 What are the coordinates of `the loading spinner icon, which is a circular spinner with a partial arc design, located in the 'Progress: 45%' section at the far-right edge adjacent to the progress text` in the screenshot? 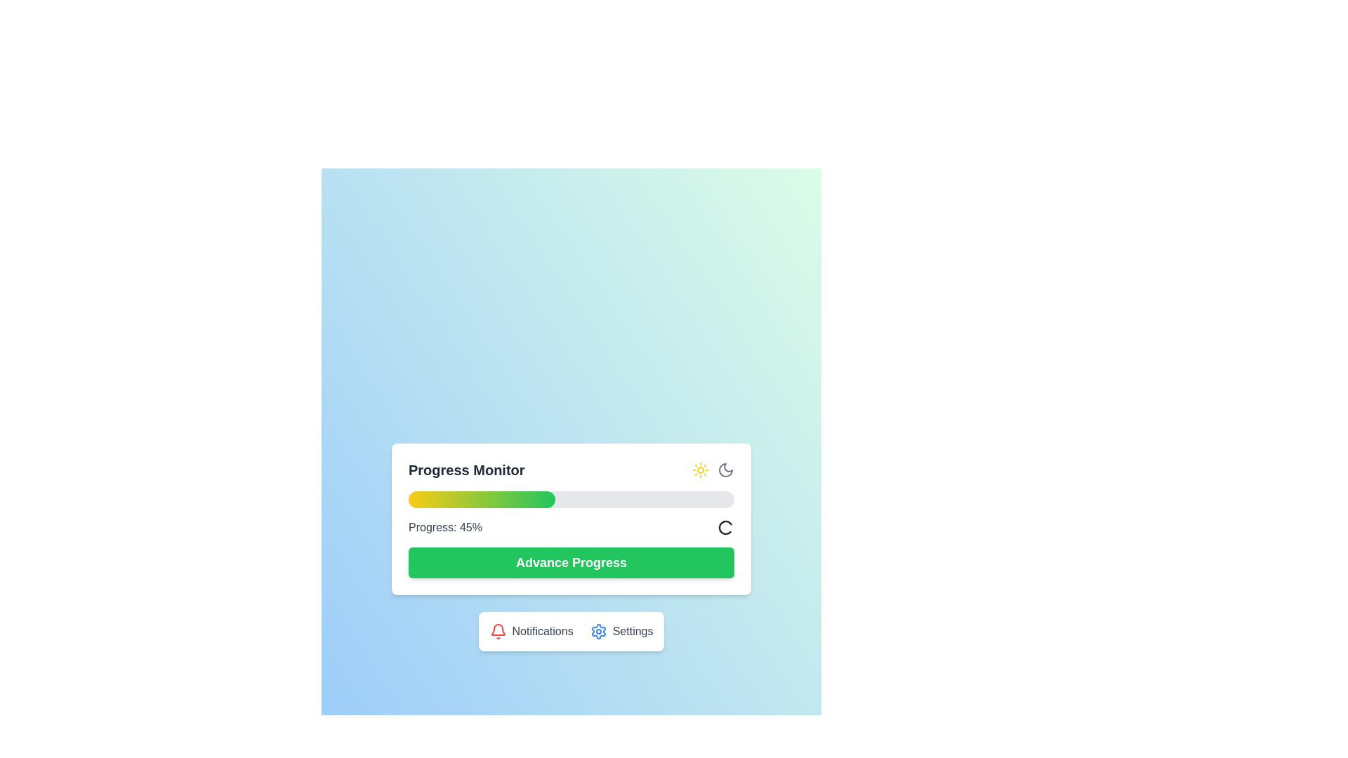 It's located at (725, 528).